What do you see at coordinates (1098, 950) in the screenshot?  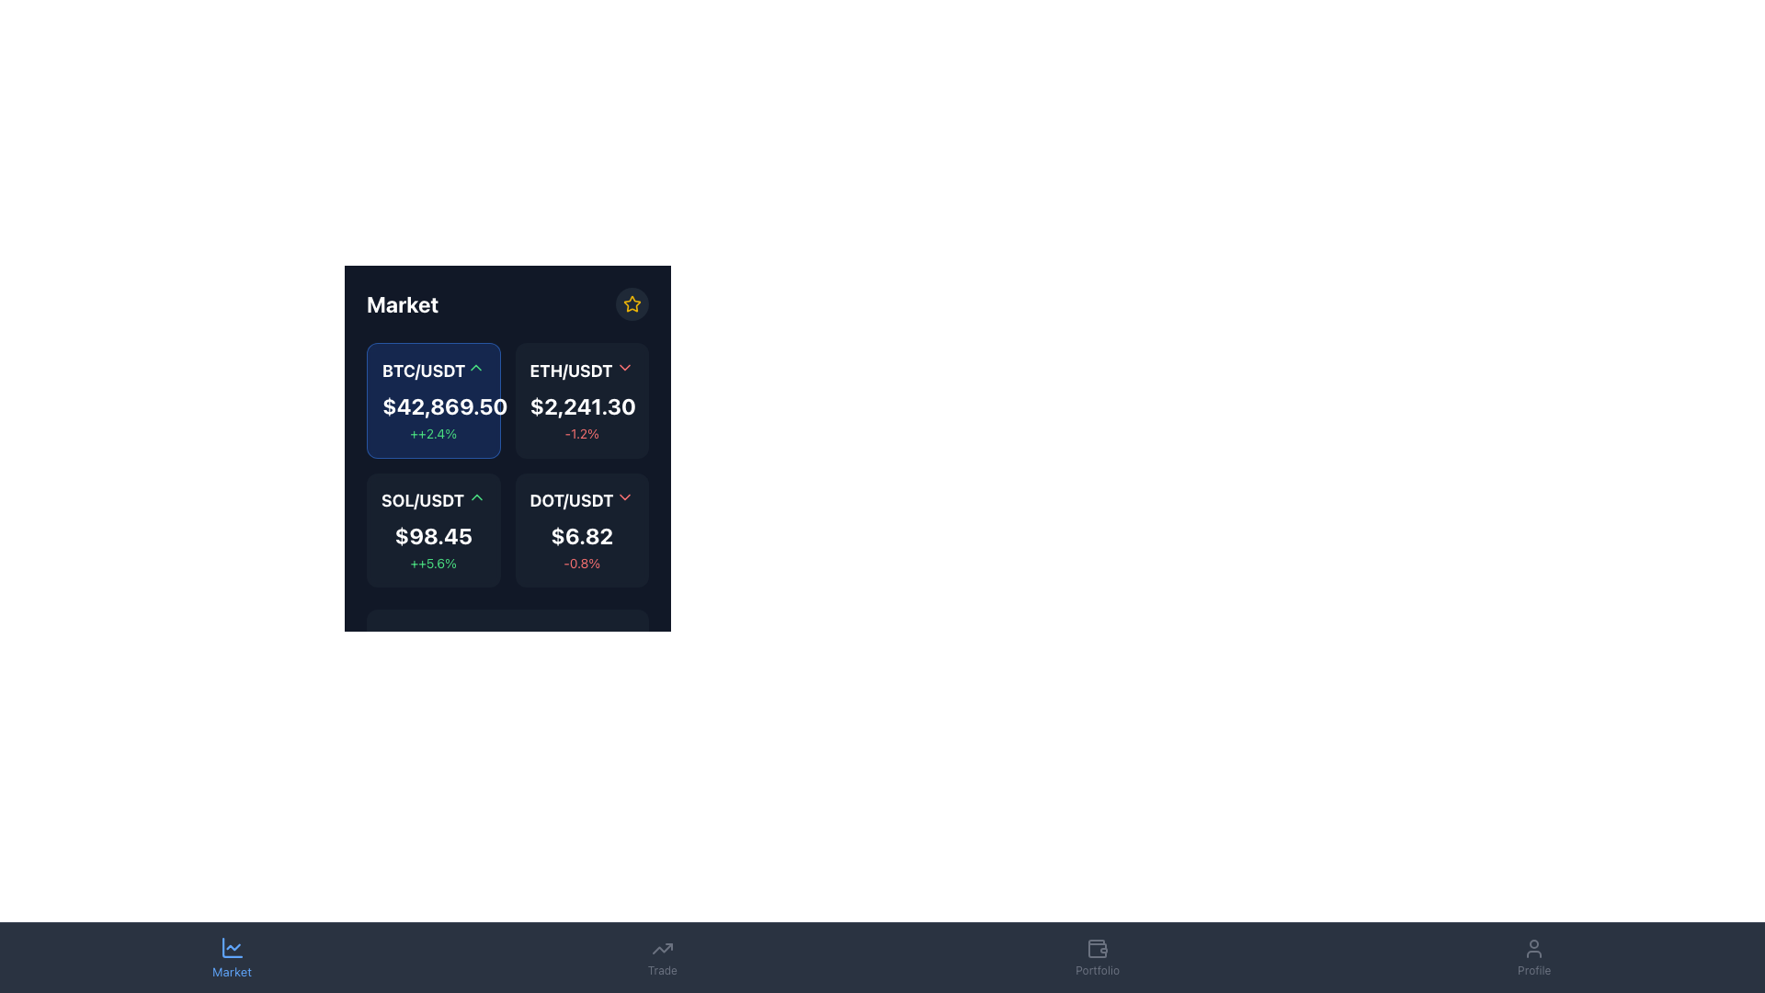 I see `the lower part of the wallet icon labeled 'Portfolio' in the navigation bar` at bounding box center [1098, 950].